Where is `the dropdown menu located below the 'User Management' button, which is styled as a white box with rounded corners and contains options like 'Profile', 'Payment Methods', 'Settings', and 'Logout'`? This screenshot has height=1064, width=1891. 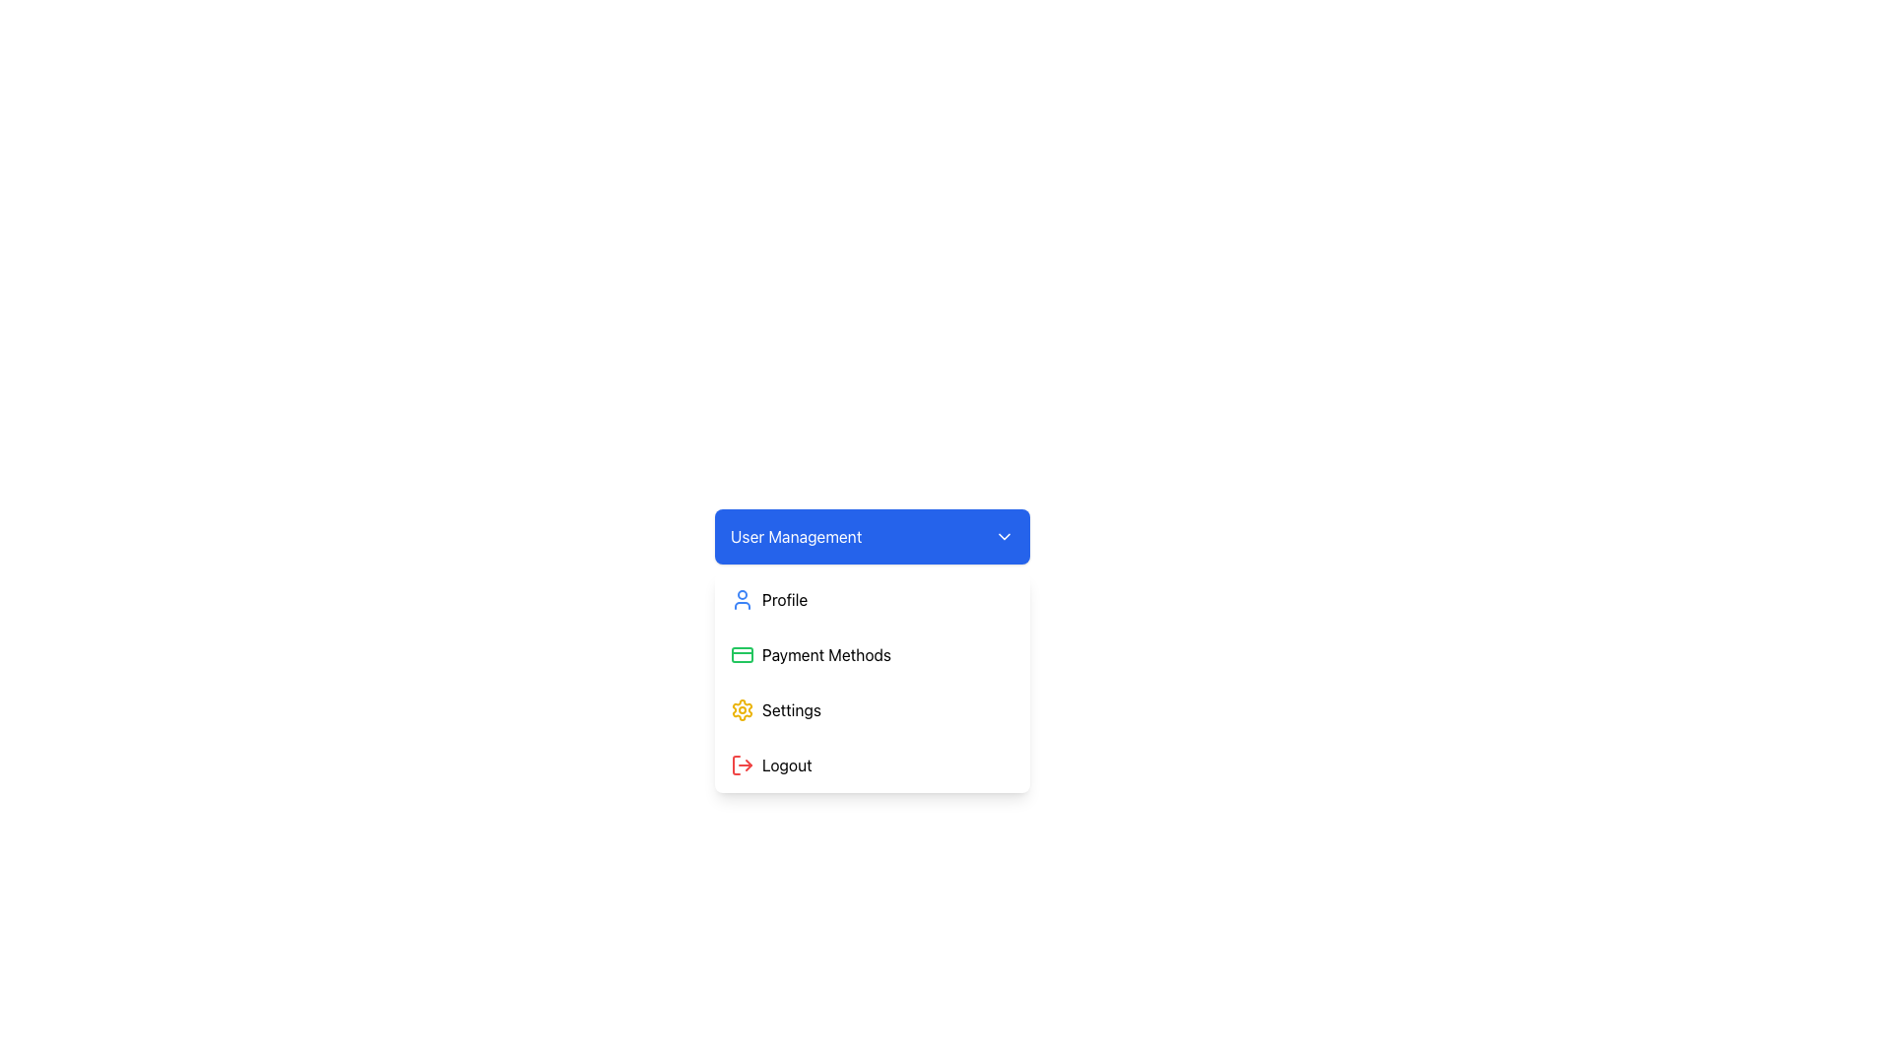 the dropdown menu located below the 'User Management' button, which is styled as a white box with rounded corners and contains options like 'Profile', 'Payment Methods', 'Settings', and 'Logout' is located at coordinates (872, 682).